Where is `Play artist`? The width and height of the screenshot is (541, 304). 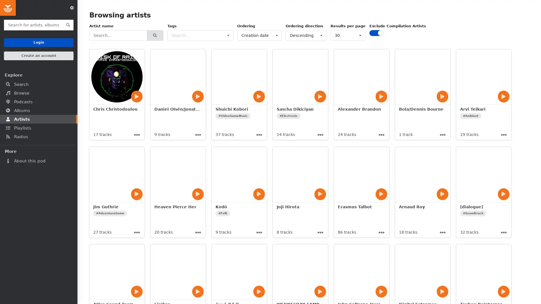 Play artist is located at coordinates (381, 291).